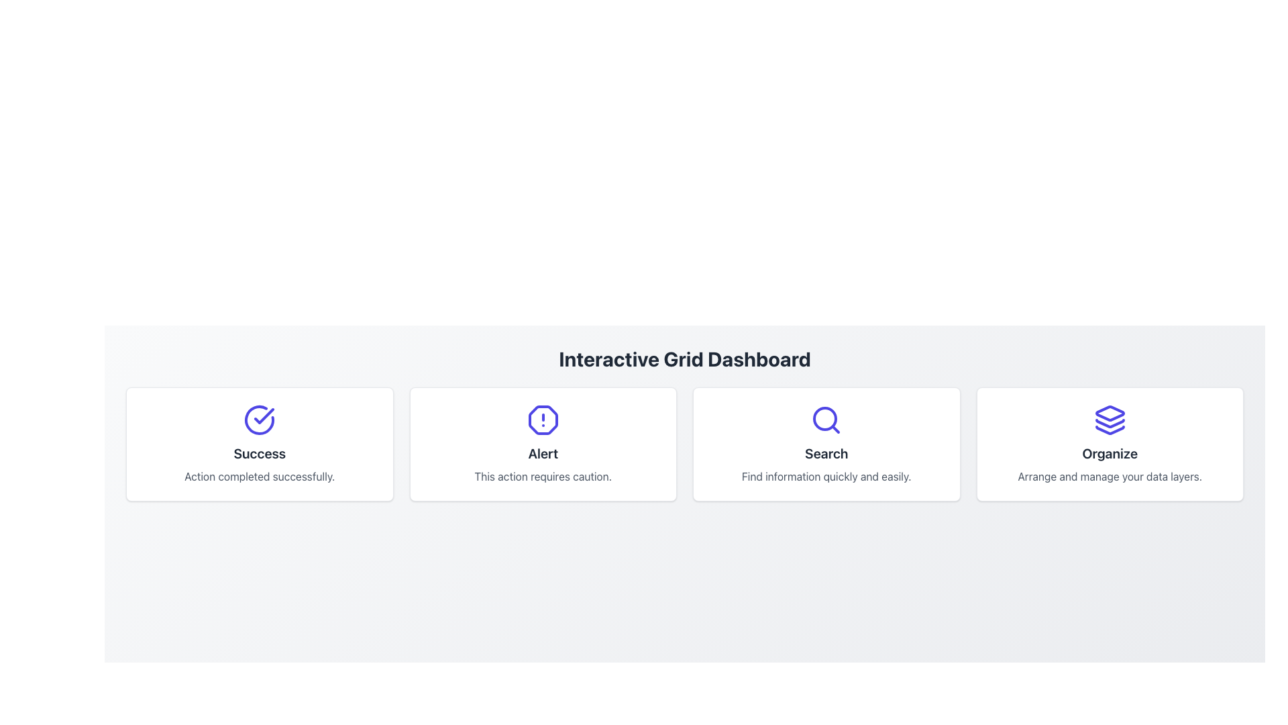 This screenshot has width=1288, height=725. I want to click on the visual alert prompt icon, which is an octagon with an exclamation mark, located above the title text 'Alert' in the second position of a 2x2 card layout, so click(543, 419).